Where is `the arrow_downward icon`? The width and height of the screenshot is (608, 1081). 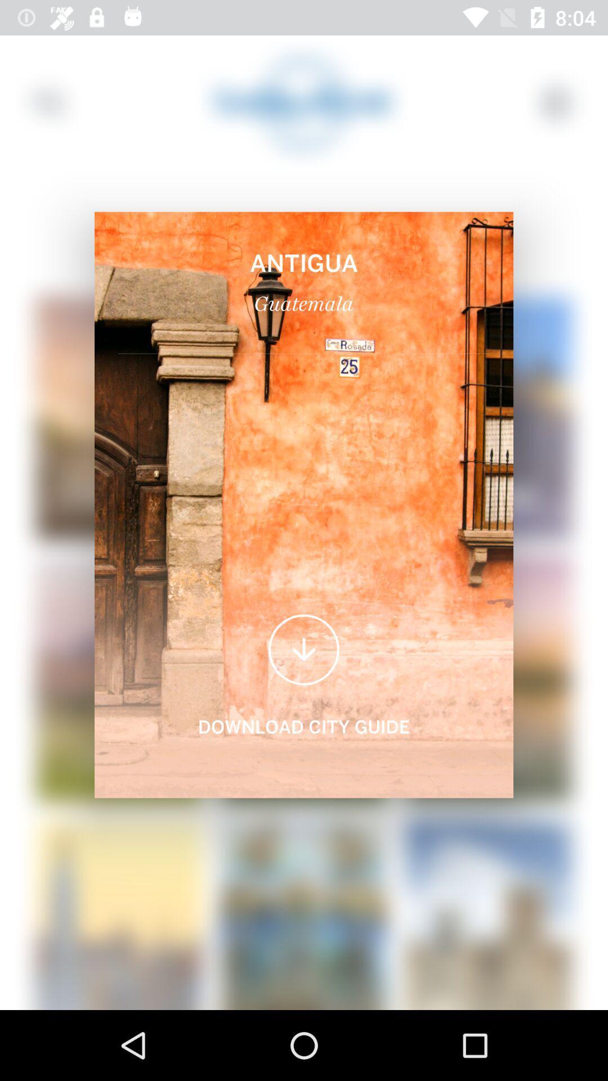 the arrow_downward icon is located at coordinates (304, 650).